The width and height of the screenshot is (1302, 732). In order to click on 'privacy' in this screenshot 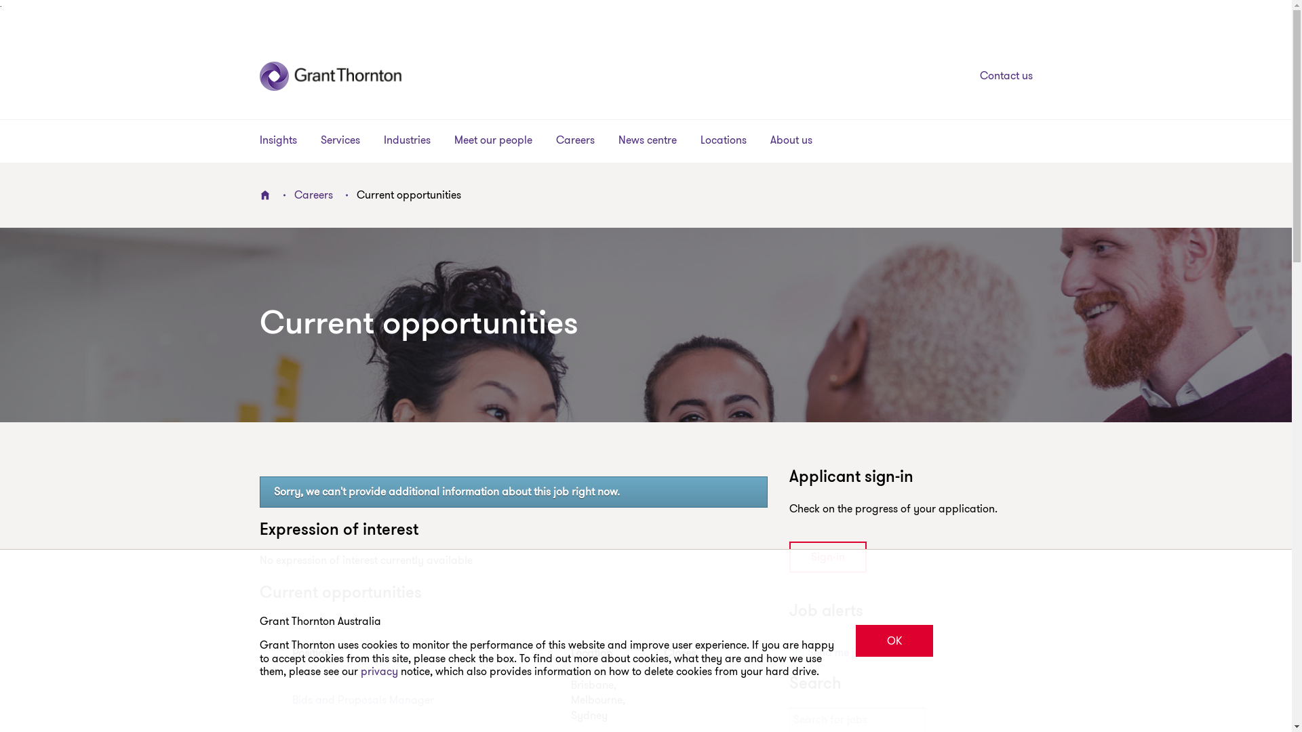, I will do `click(380, 671)`.